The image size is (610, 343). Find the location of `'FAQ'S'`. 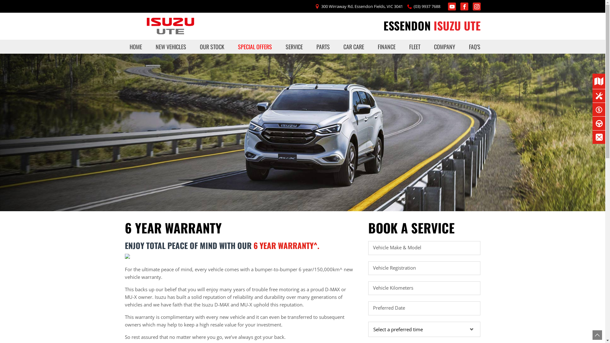

'FAQ'S' is located at coordinates (472, 46).